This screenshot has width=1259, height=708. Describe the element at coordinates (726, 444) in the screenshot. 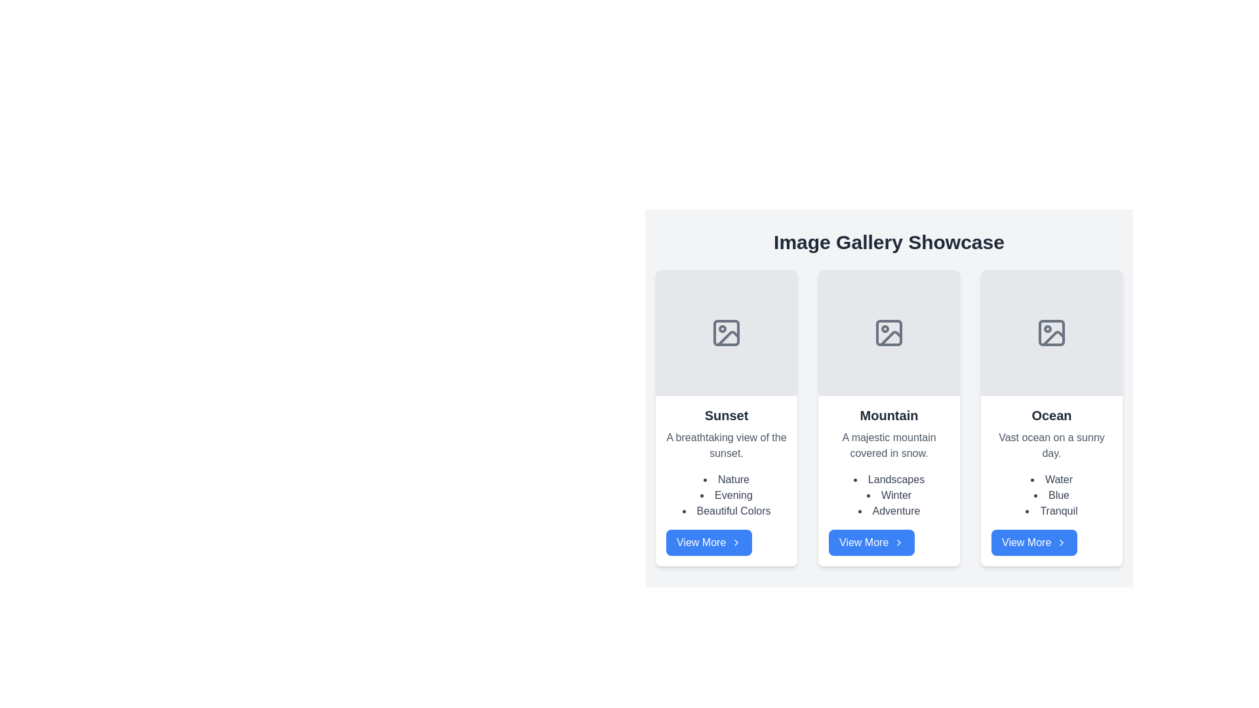

I see `the textual description that reads 'A breathtaking view of the sunset.', which is styled in gray and positioned below the header 'Sunset' in a card layout` at that location.